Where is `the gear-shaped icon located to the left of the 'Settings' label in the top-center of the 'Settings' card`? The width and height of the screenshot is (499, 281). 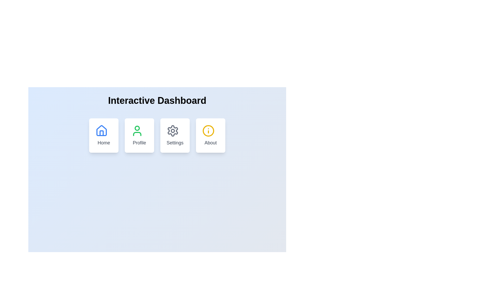 the gear-shaped icon located to the left of the 'Settings' label in the top-center of the 'Settings' card is located at coordinates (173, 130).